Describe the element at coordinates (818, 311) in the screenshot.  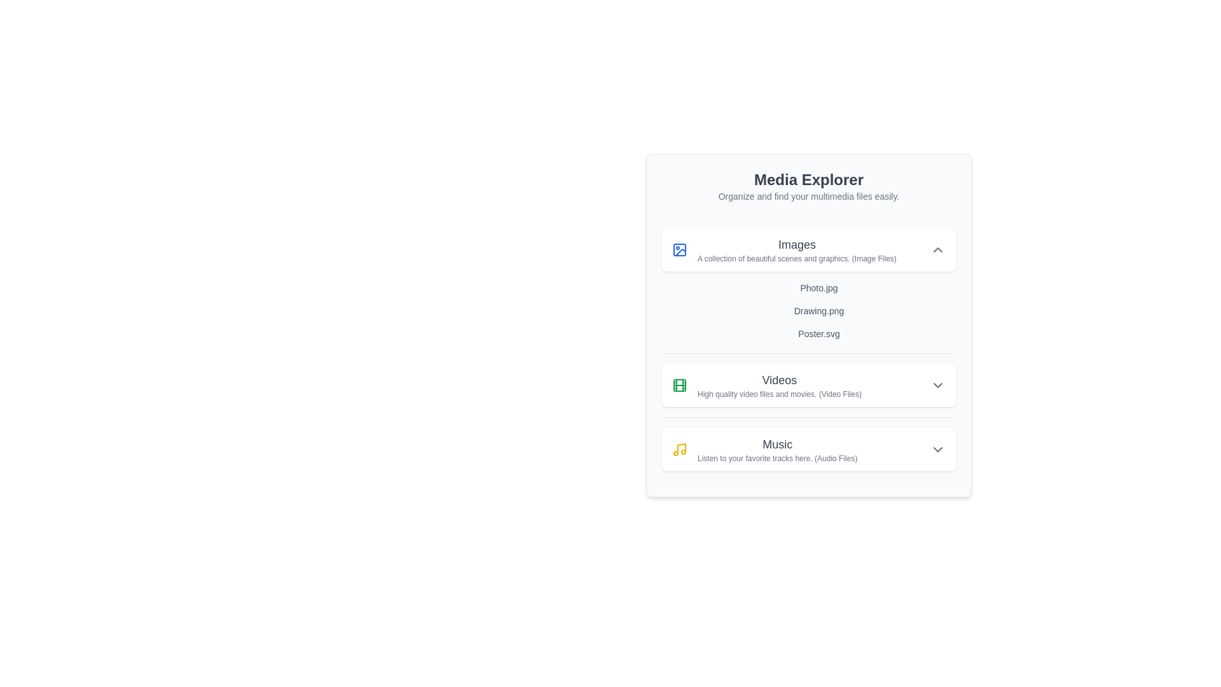
I see `the text label for 'Drawing.png' located in the central column under the 'Images' section of the interface` at that location.